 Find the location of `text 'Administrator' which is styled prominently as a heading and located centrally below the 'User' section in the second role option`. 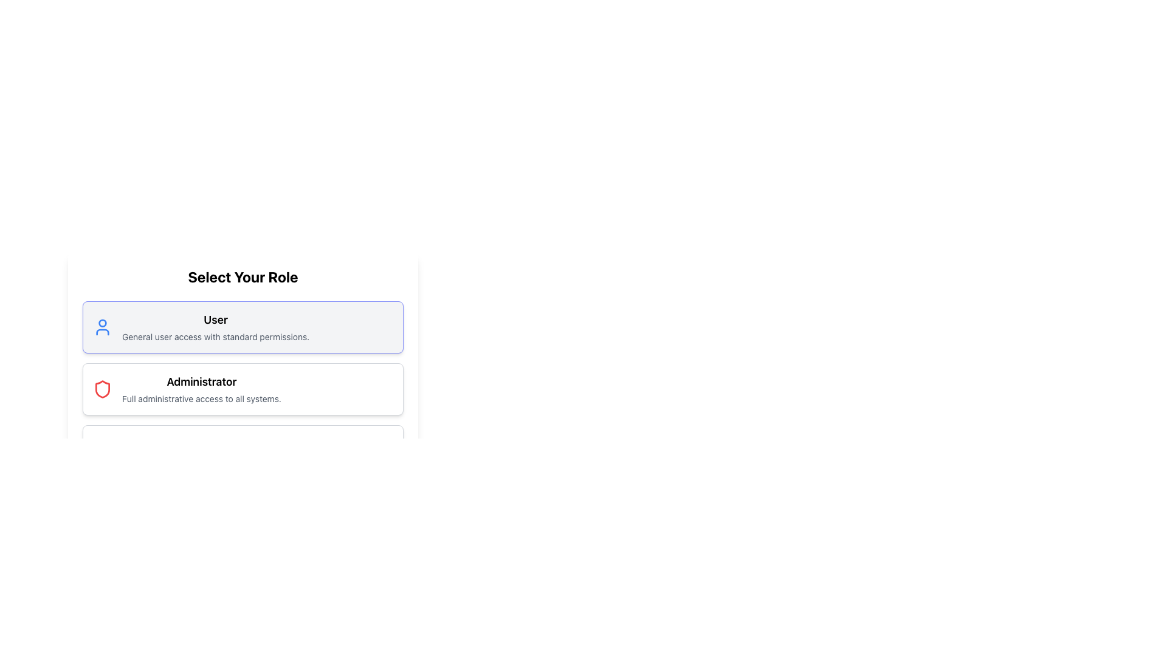

text 'Administrator' which is styled prominently as a heading and located centrally below the 'User' section in the second role option is located at coordinates (201, 381).